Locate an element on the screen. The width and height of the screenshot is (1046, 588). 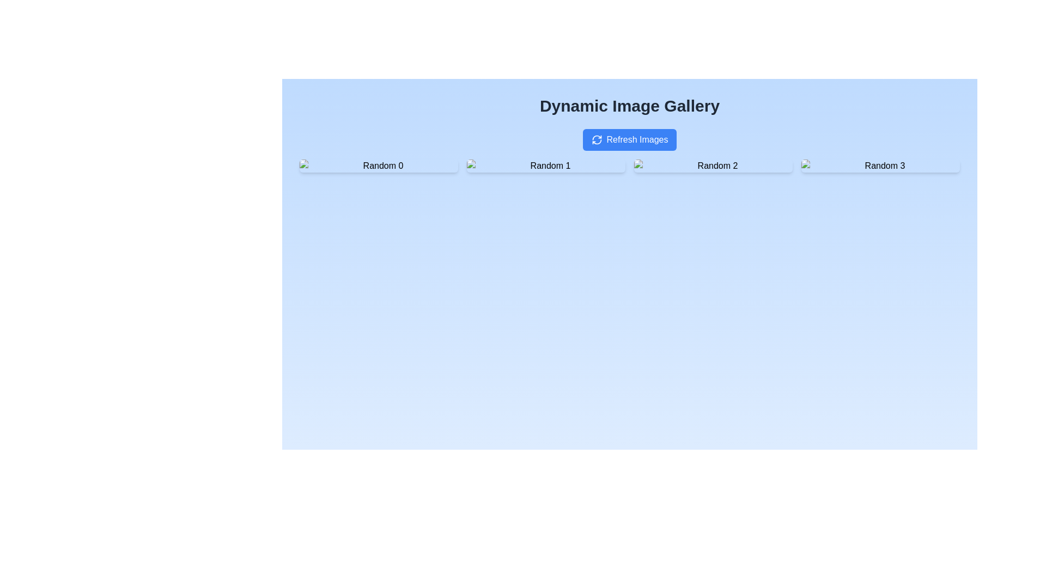
the Refresh Symbol icon located to the left of the 'Refresh Images' label is located at coordinates (596, 139).